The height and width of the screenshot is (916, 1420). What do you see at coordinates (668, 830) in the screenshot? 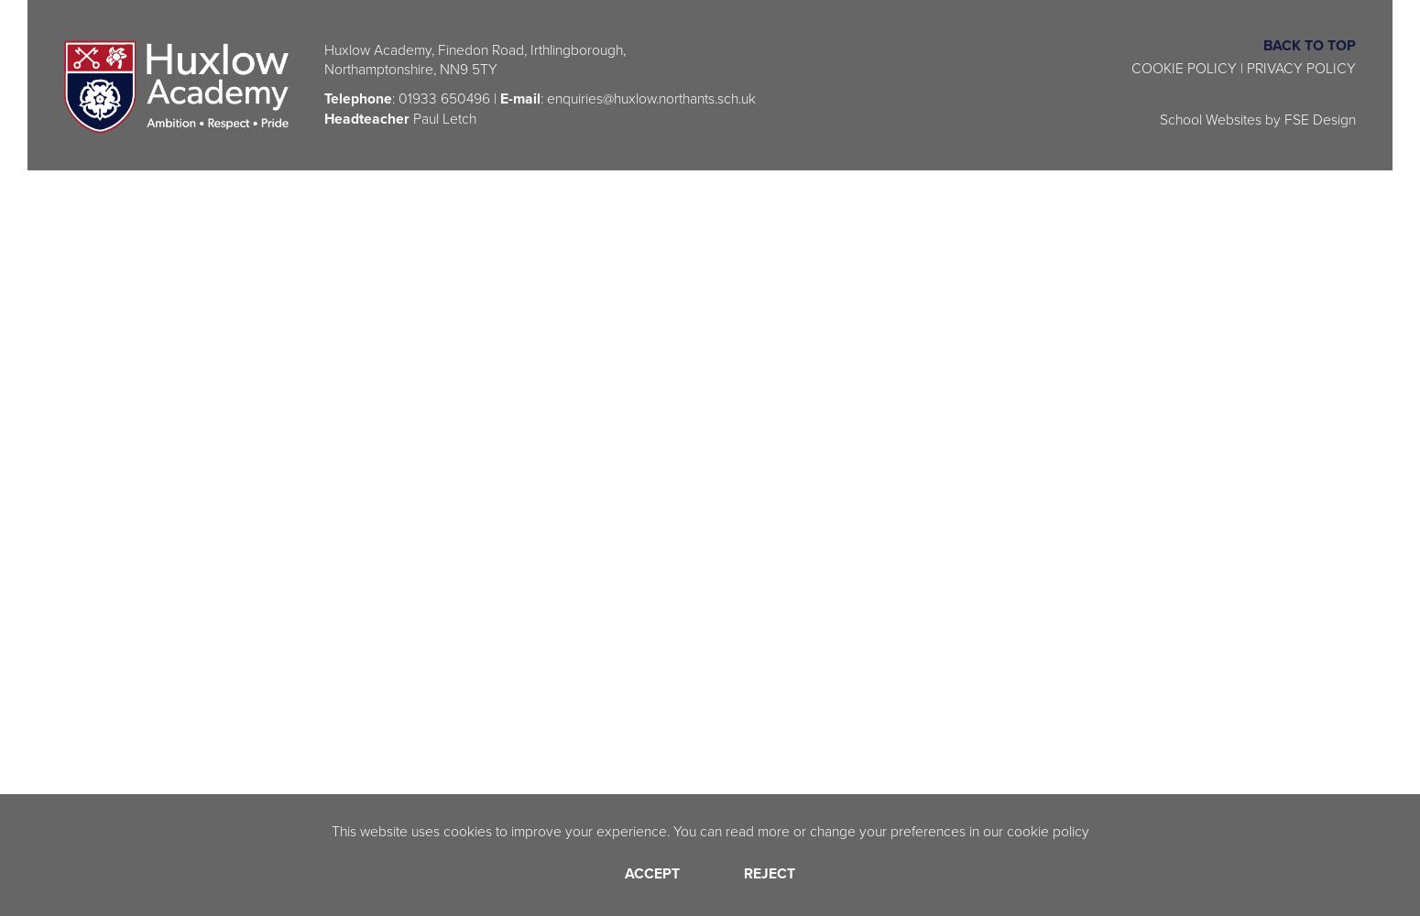
I see `'This website uses cookies to improve your experience. You can read more or change your preferences in our'` at bounding box center [668, 830].